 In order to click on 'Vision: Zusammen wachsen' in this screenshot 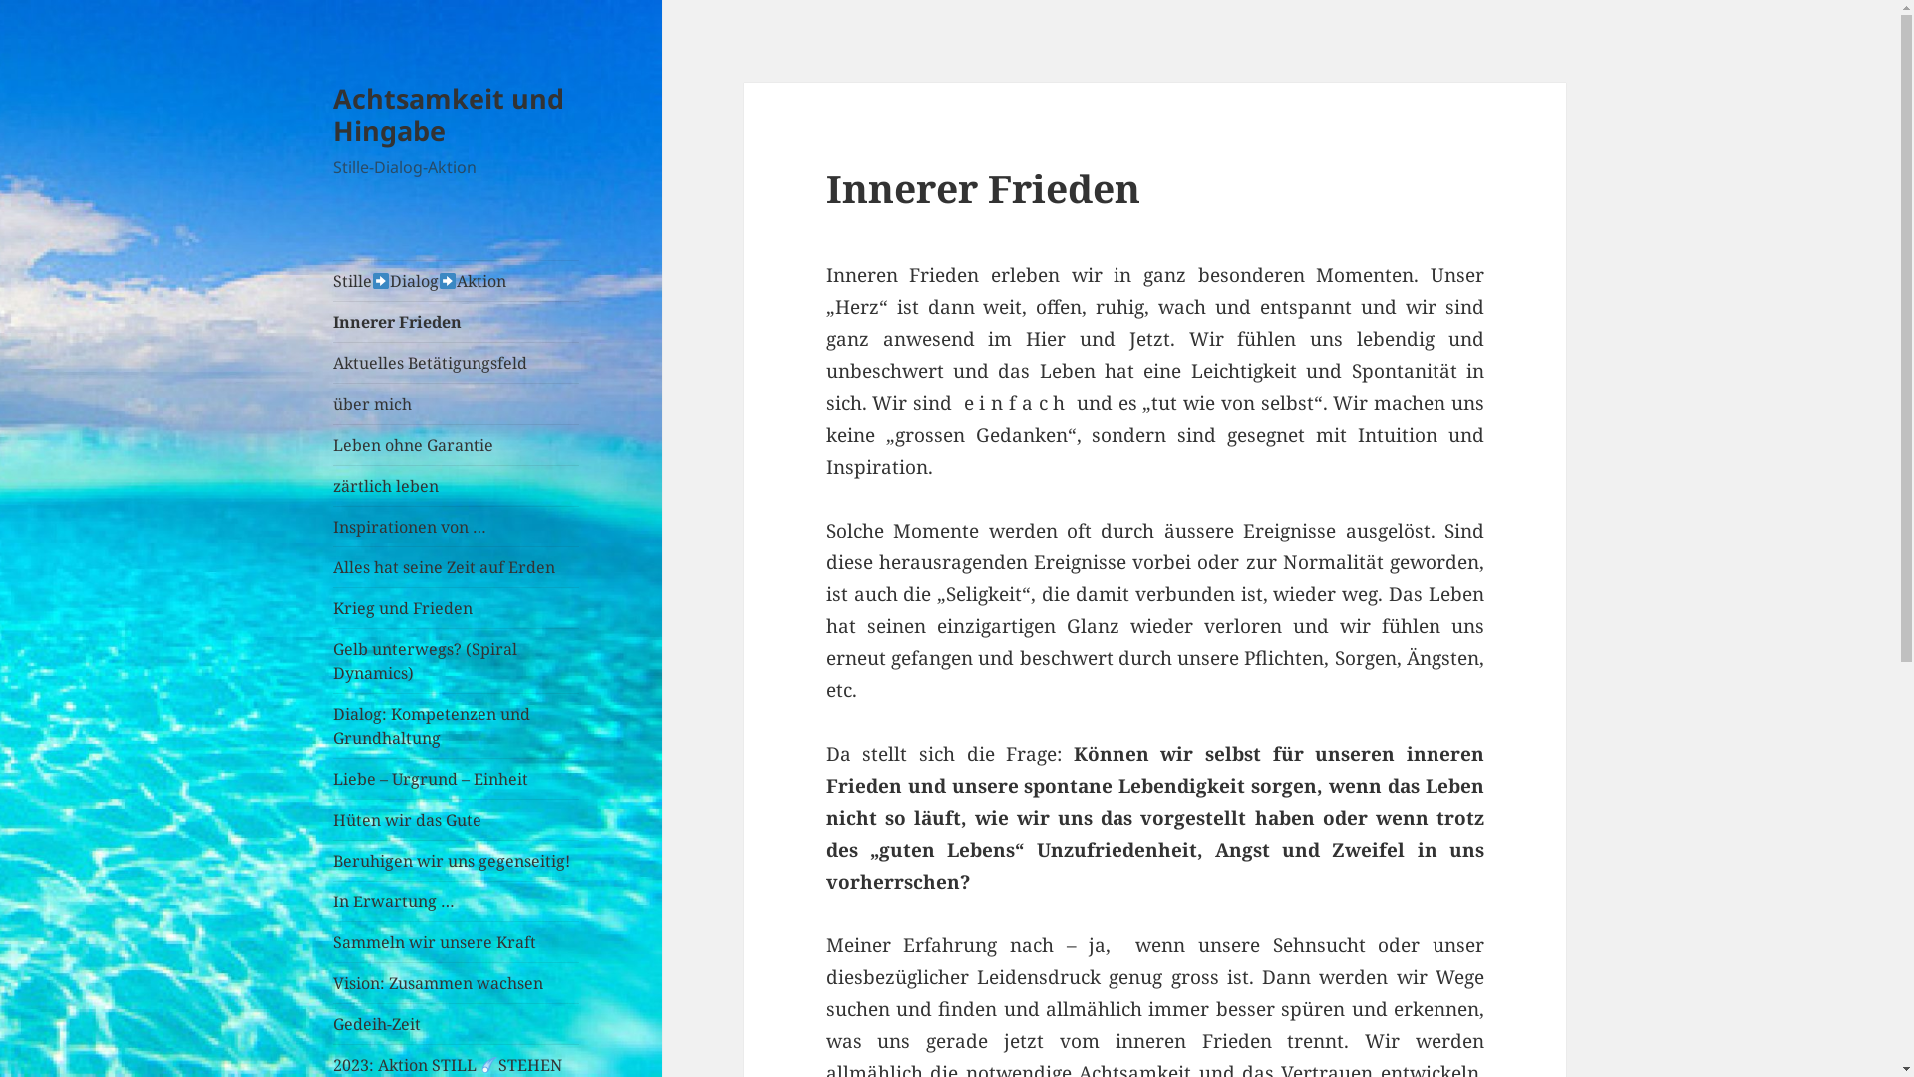, I will do `click(455, 982)`.